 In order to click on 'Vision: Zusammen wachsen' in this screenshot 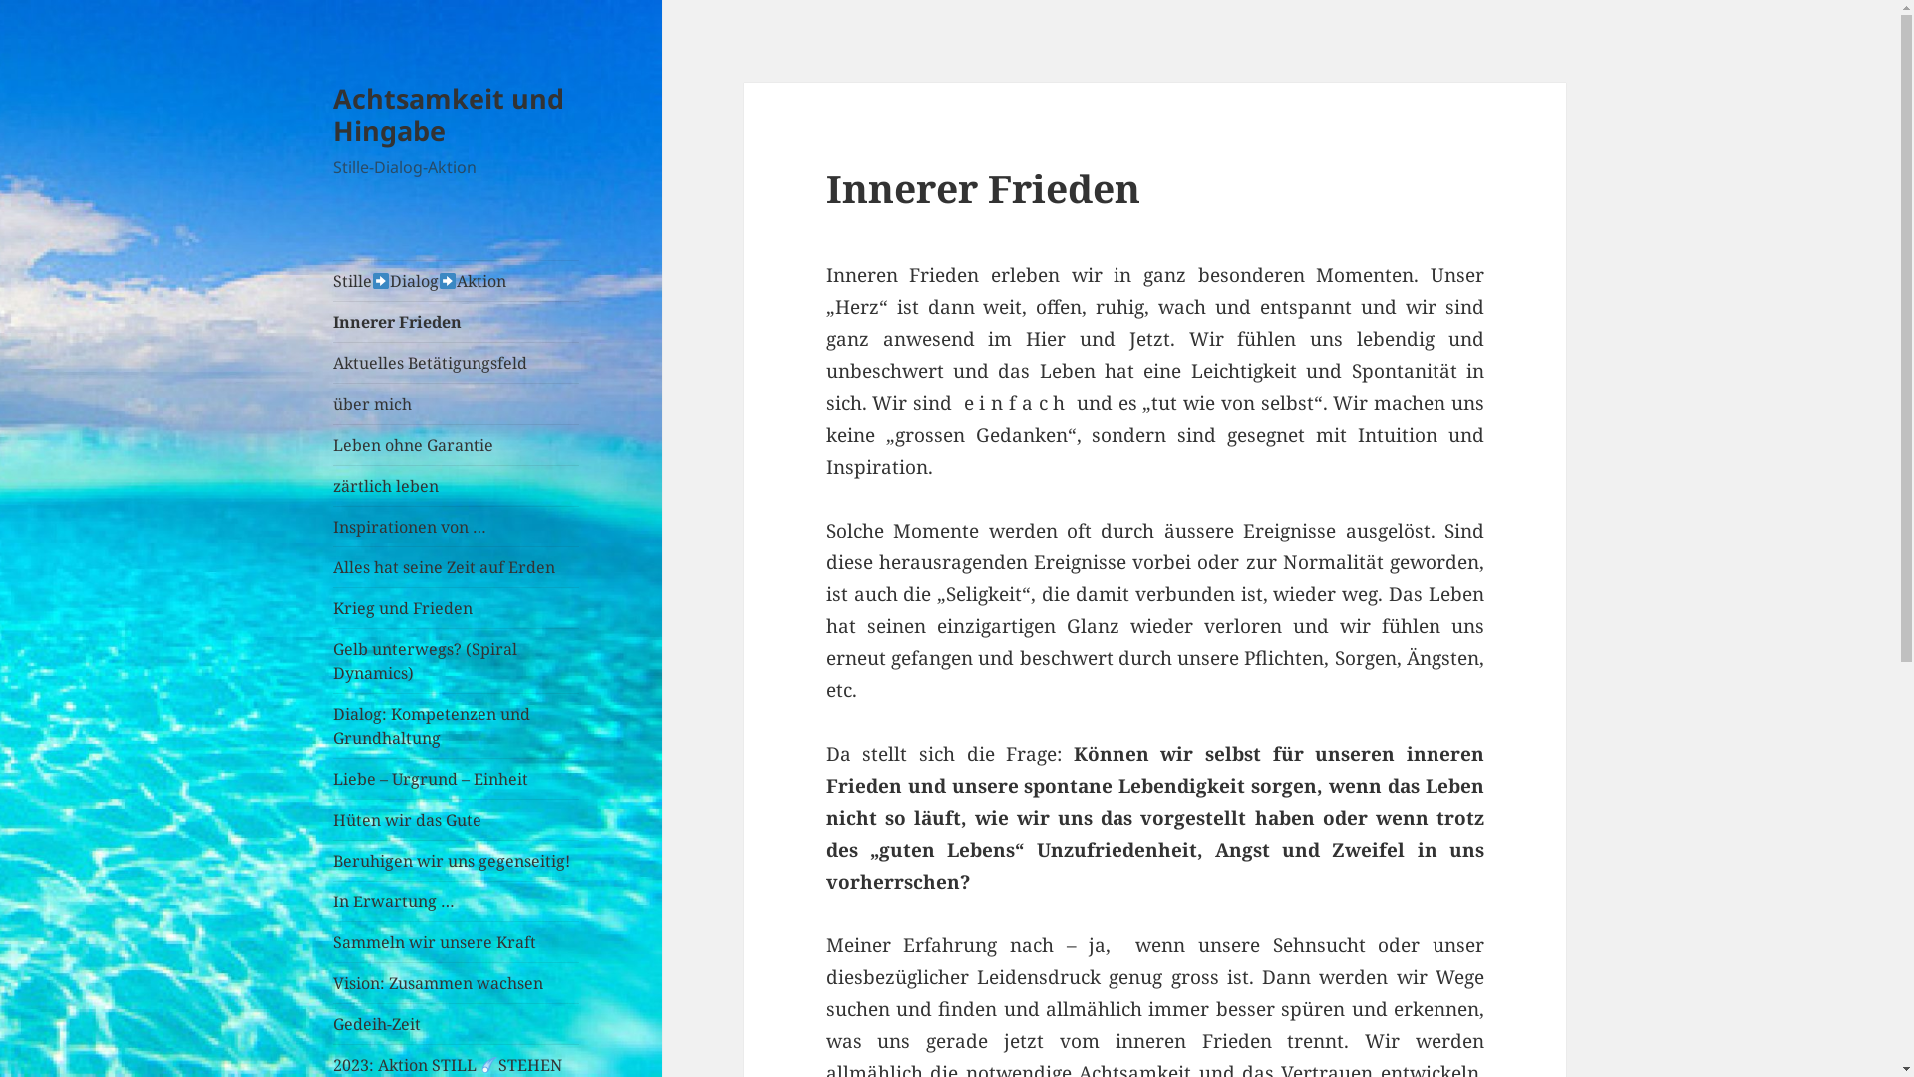, I will do `click(455, 982)`.